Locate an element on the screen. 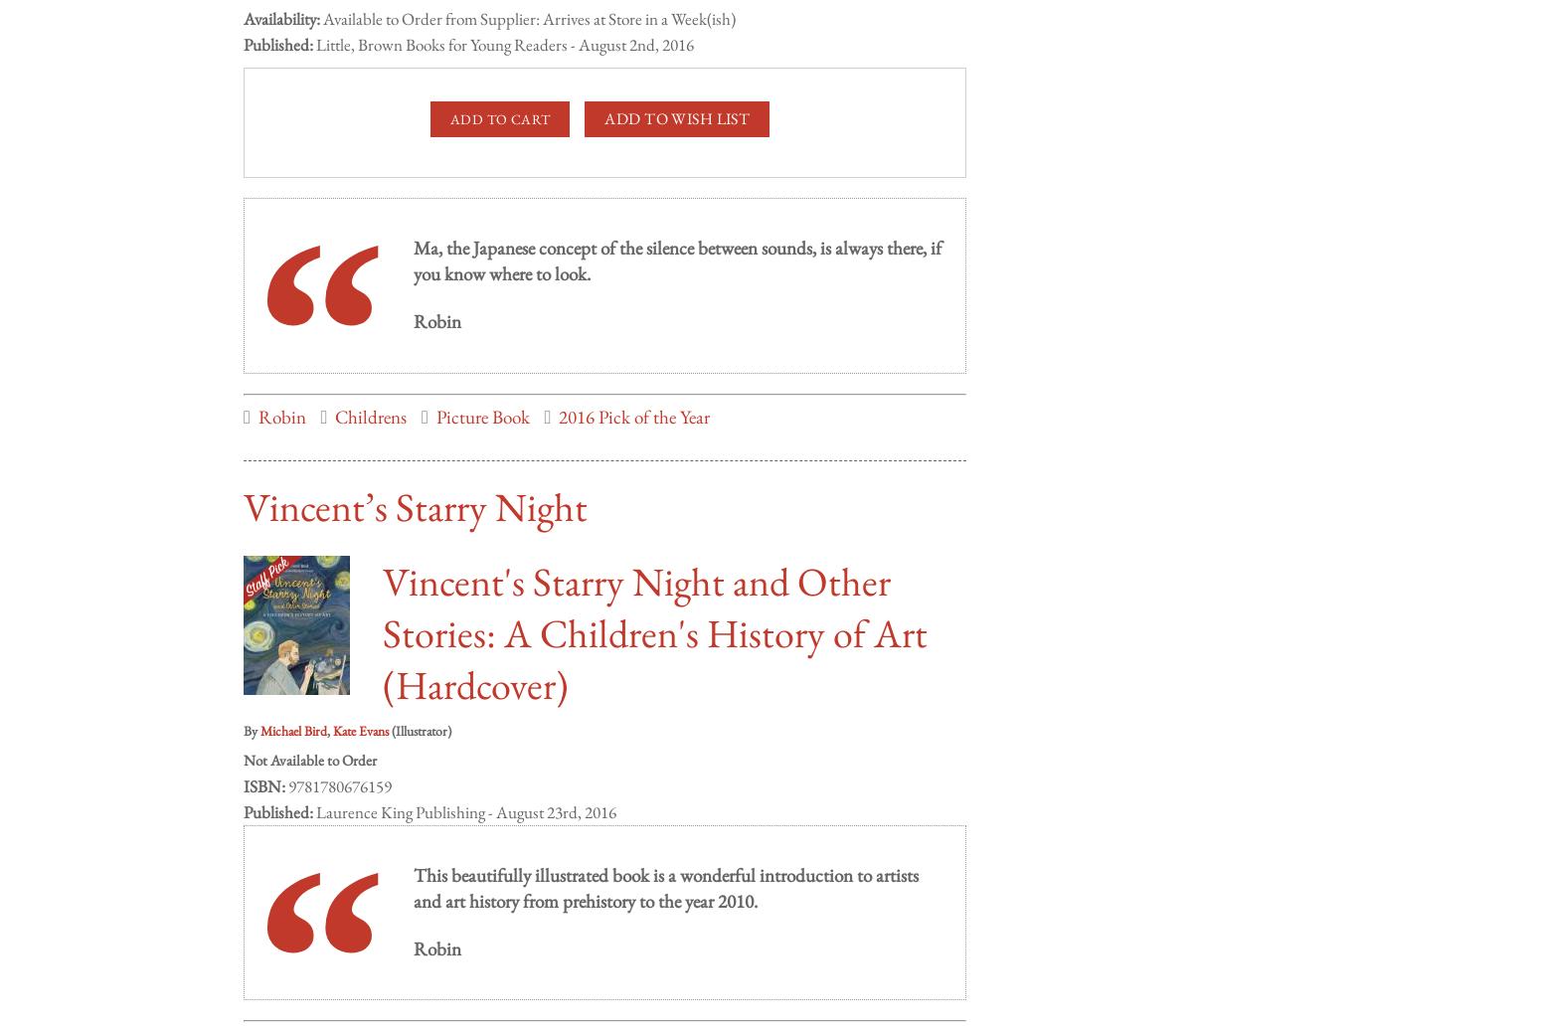  'Childrens' is located at coordinates (369, 397).